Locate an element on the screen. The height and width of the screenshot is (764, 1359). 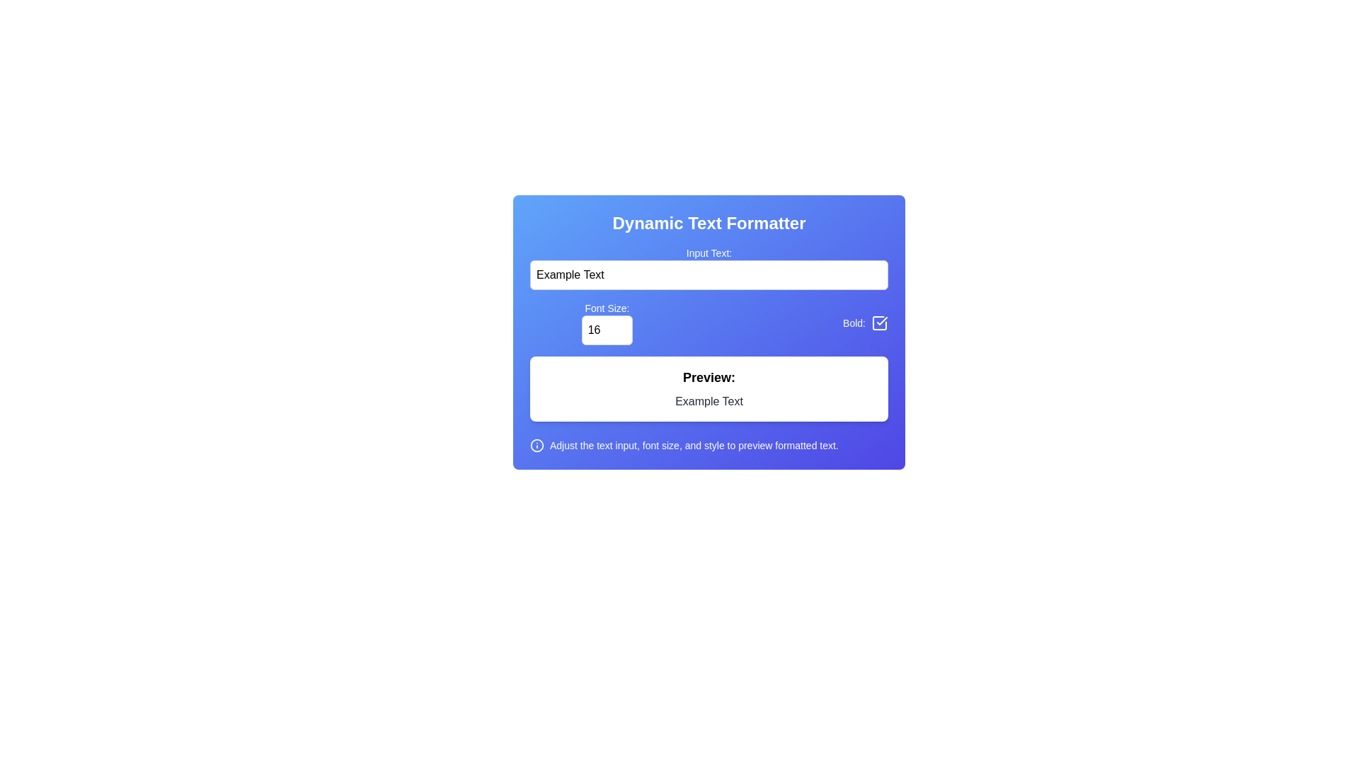
the Circular vector graphic located in the bottom-left corner of the interface near the descriptive text label is located at coordinates (536, 444).